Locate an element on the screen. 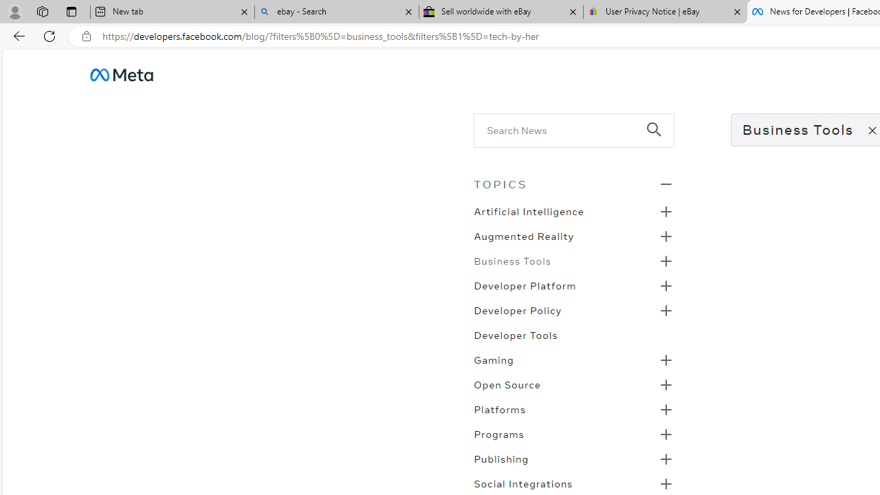 The image size is (880, 495). 'Class: _58al' is located at coordinates (564, 130).